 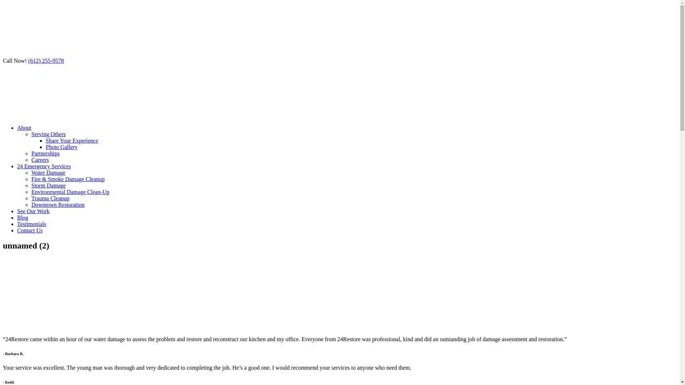 I want to click on 'Downtown Restoration', so click(x=58, y=205).